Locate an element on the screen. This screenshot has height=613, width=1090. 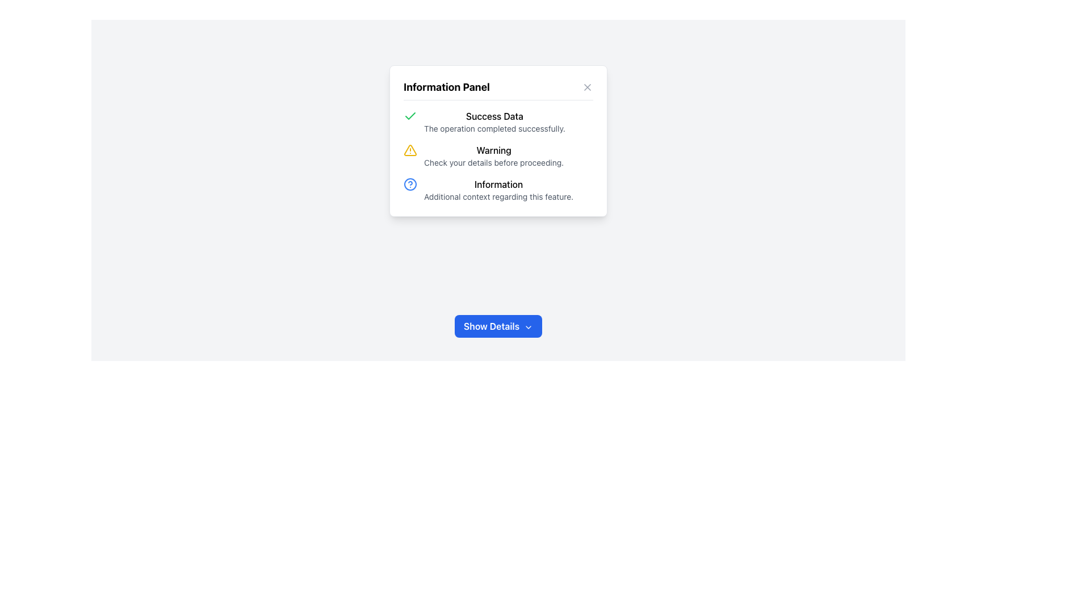
the paragraph element containing the text 'Additional context regarding this feature.' located under the 'Information' heading in the informational modal is located at coordinates (498, 196).